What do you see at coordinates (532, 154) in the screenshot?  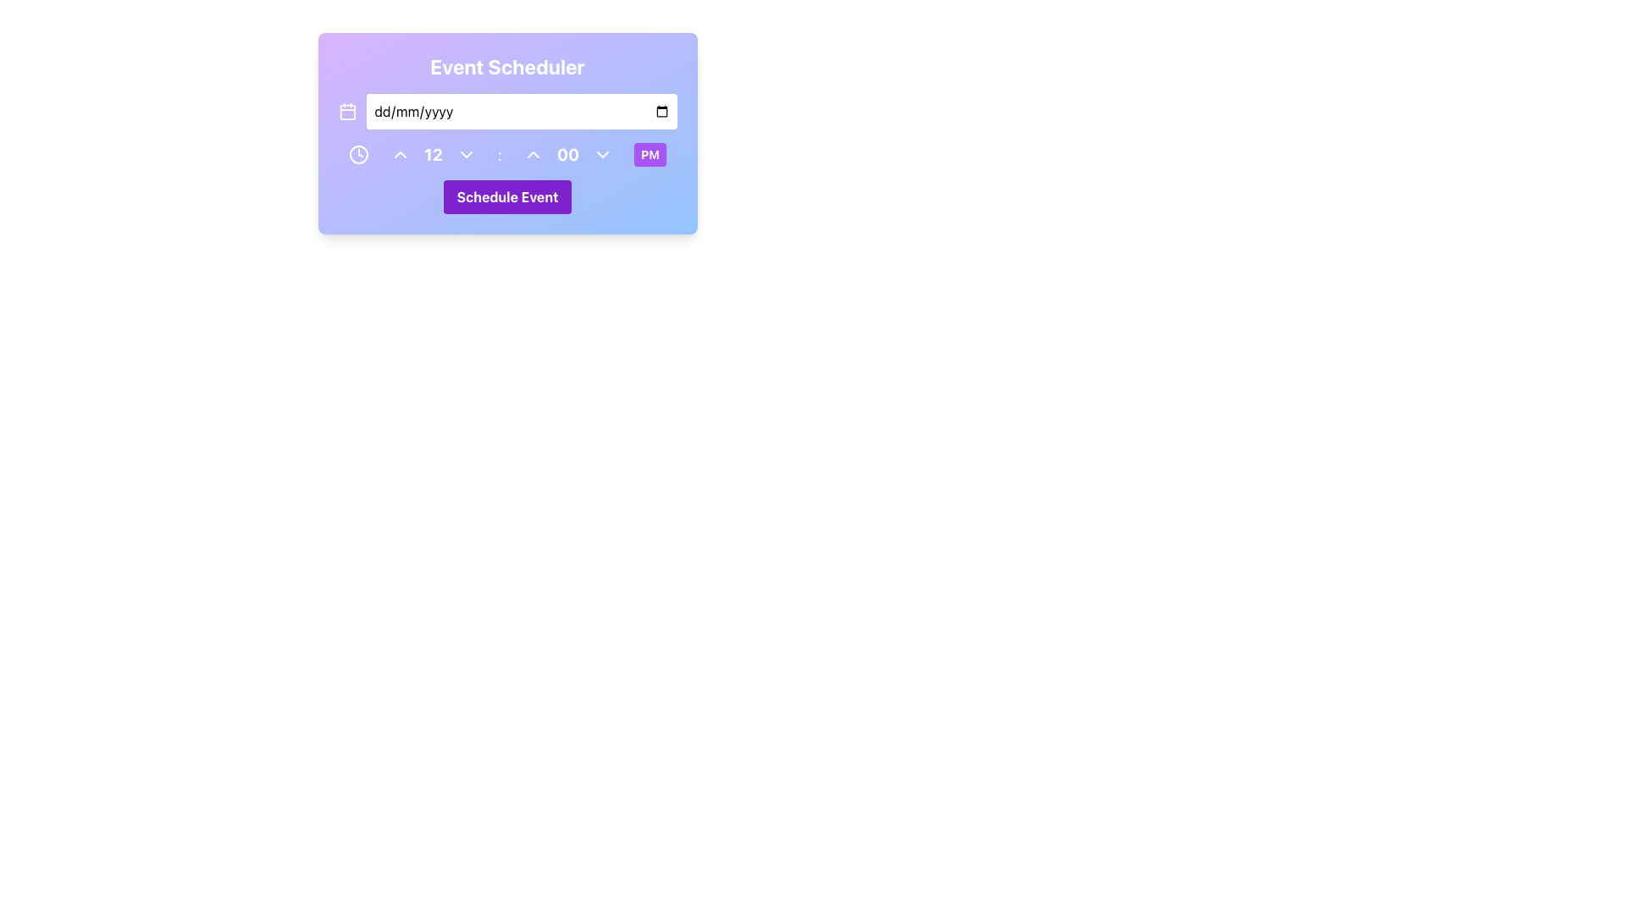 I see `the upward pointing chevron button in the time picker section of the Event Scheduler interface` at bounding box center [532, 154].